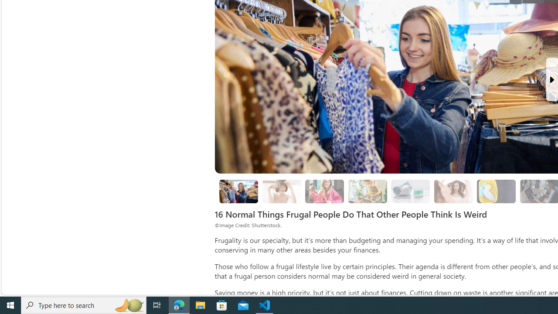  What do you see at coordinates (367, 191) in the screenshot?
I see `'3. Growing From Seeds'` at bounding box center [367, 191].